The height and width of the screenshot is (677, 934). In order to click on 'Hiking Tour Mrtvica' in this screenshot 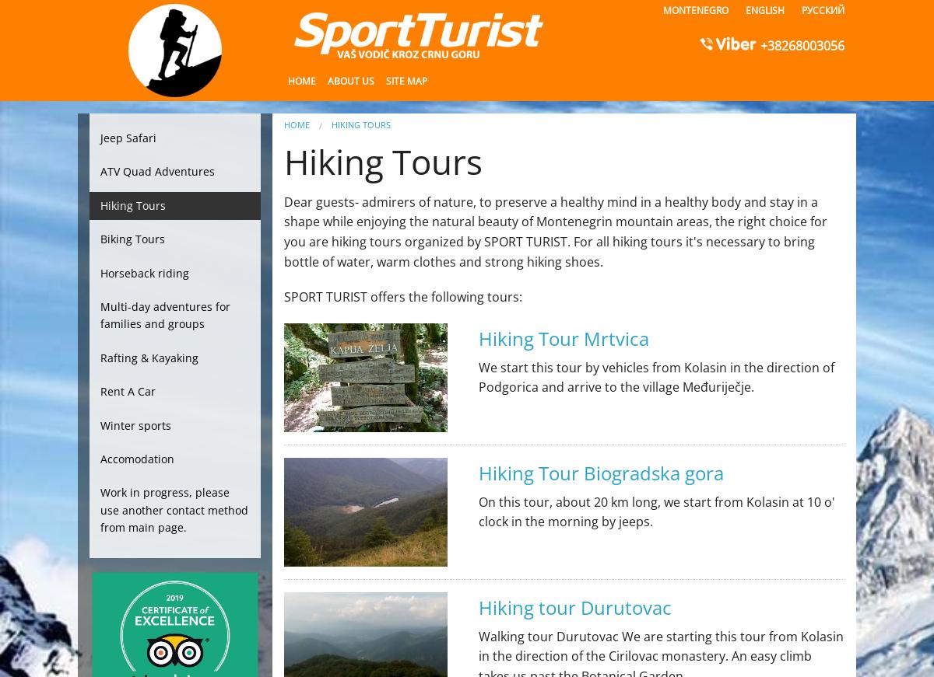, I will do `click(479, 337)`.